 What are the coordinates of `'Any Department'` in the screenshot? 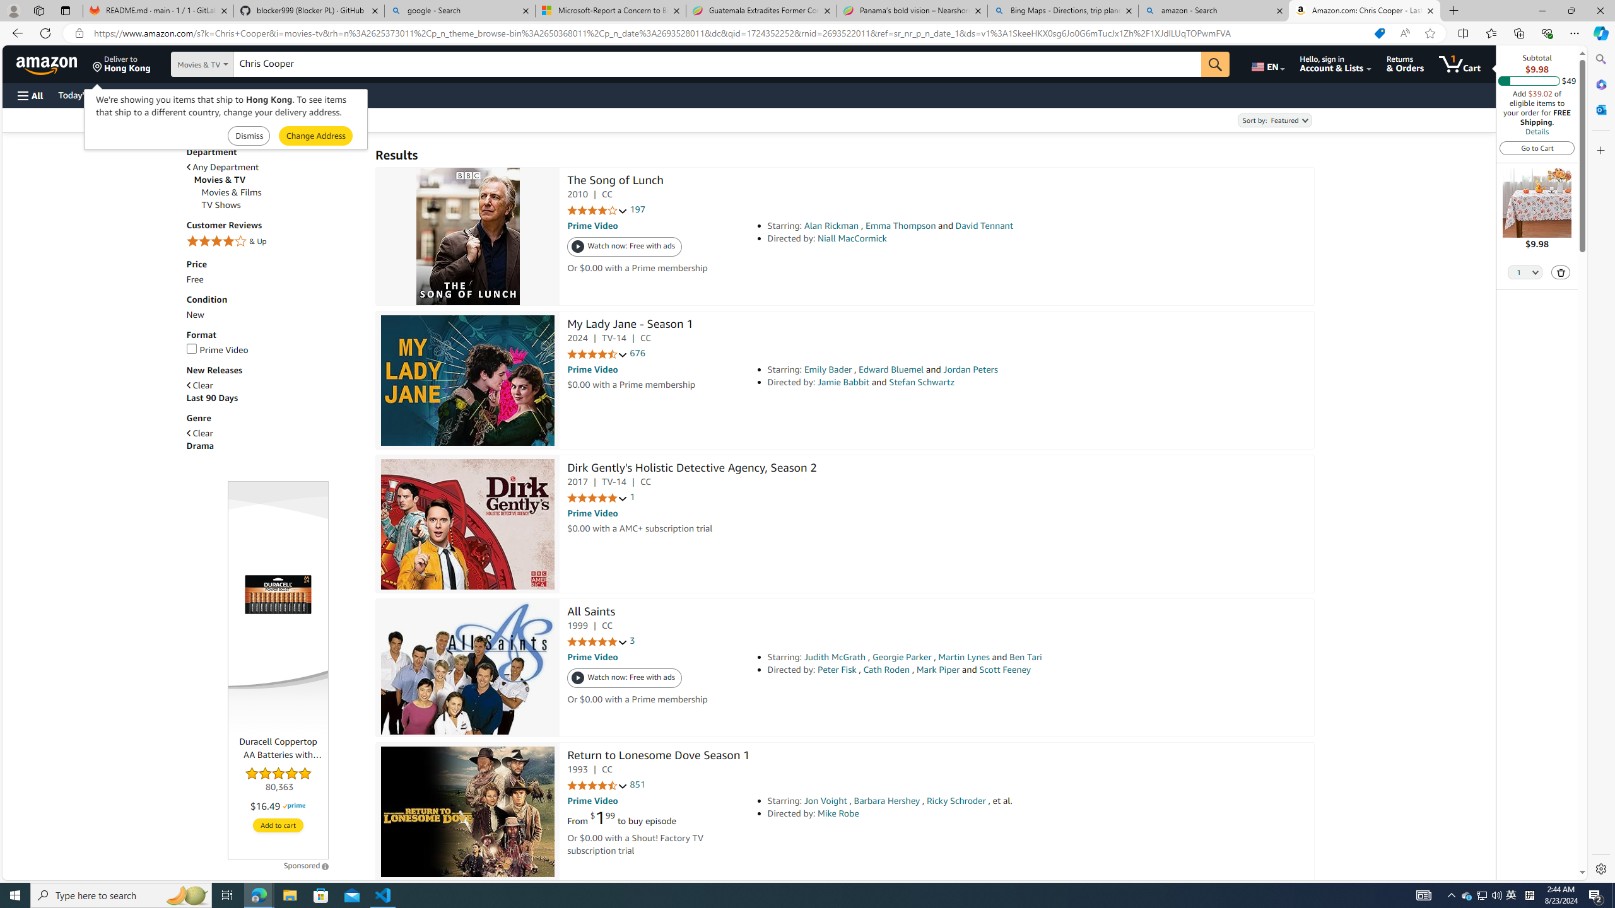 It's located at (274, 166).